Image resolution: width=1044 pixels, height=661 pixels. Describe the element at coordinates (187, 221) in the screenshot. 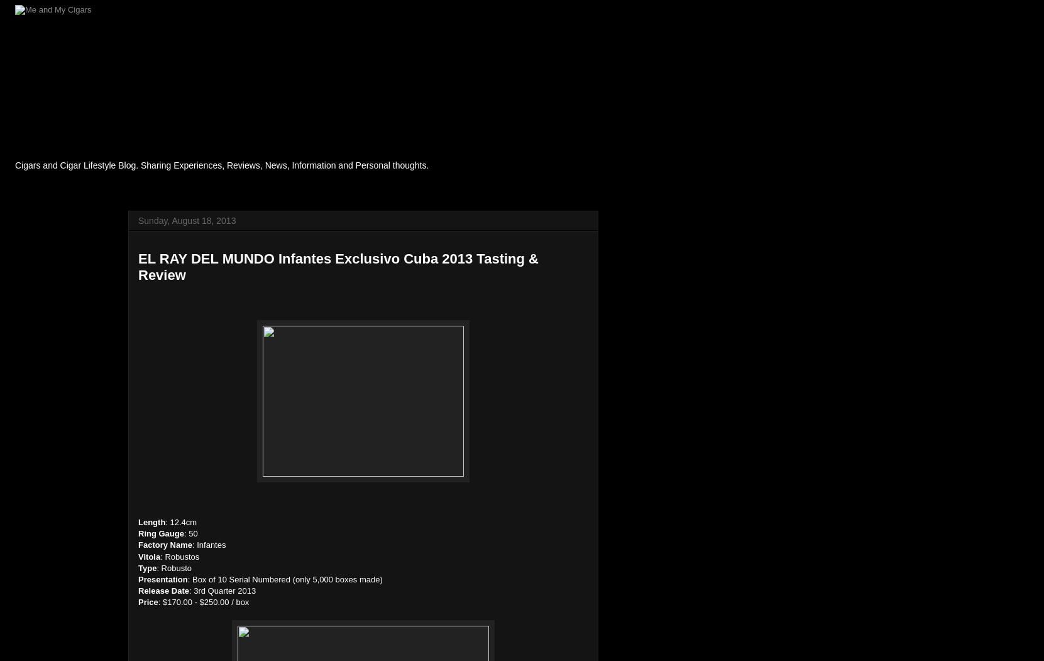

I see `'Sunday, August 18, 2013'` at that location.